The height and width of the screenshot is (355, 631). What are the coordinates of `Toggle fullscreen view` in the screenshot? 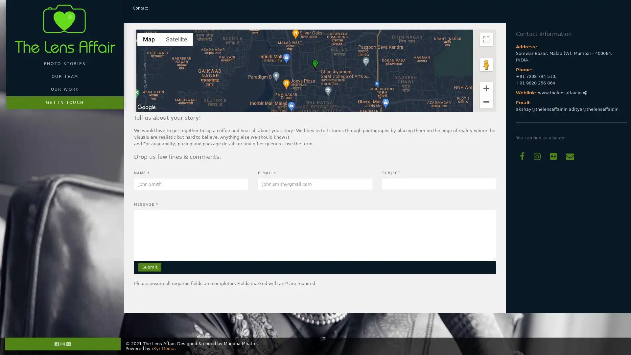 It's located at (486, 39).